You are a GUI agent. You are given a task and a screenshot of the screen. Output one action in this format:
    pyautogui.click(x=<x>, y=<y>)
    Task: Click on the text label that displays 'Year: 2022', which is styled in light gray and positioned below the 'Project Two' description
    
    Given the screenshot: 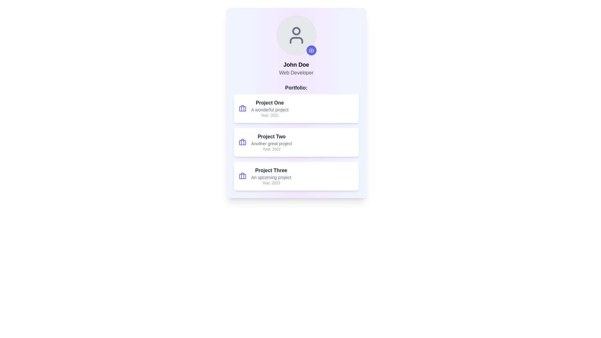 What is the action you would take?
    pyautogui.click(x=271, y=149)
    